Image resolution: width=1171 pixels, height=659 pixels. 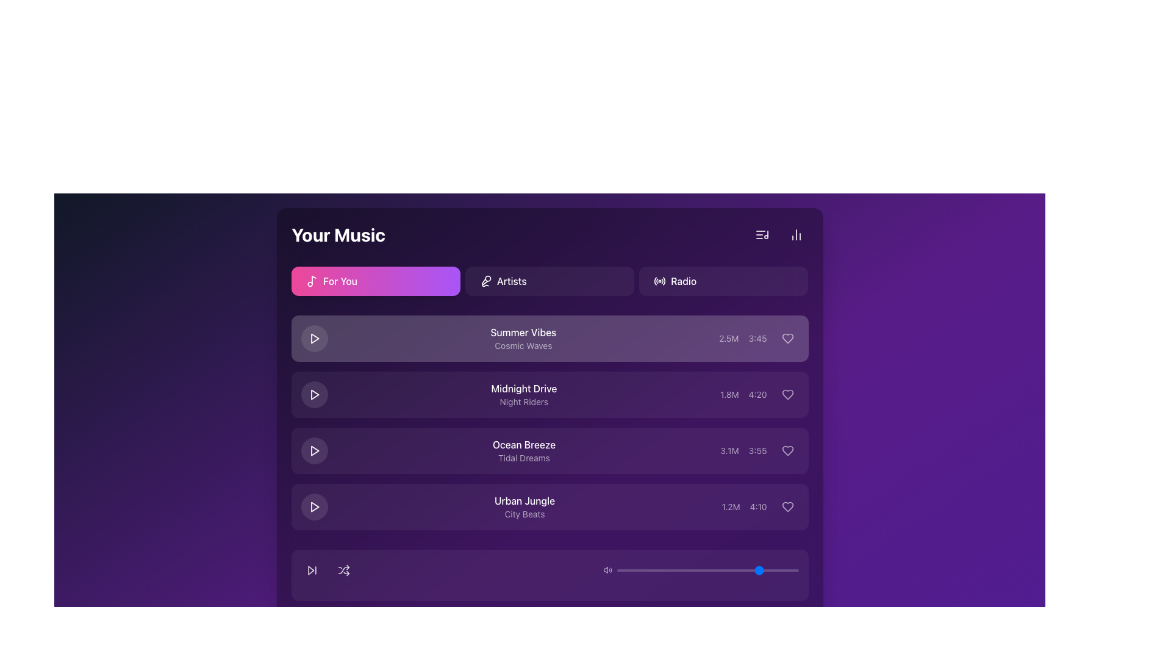 I want to click on the musical note icon, so click(x=312, y=281).